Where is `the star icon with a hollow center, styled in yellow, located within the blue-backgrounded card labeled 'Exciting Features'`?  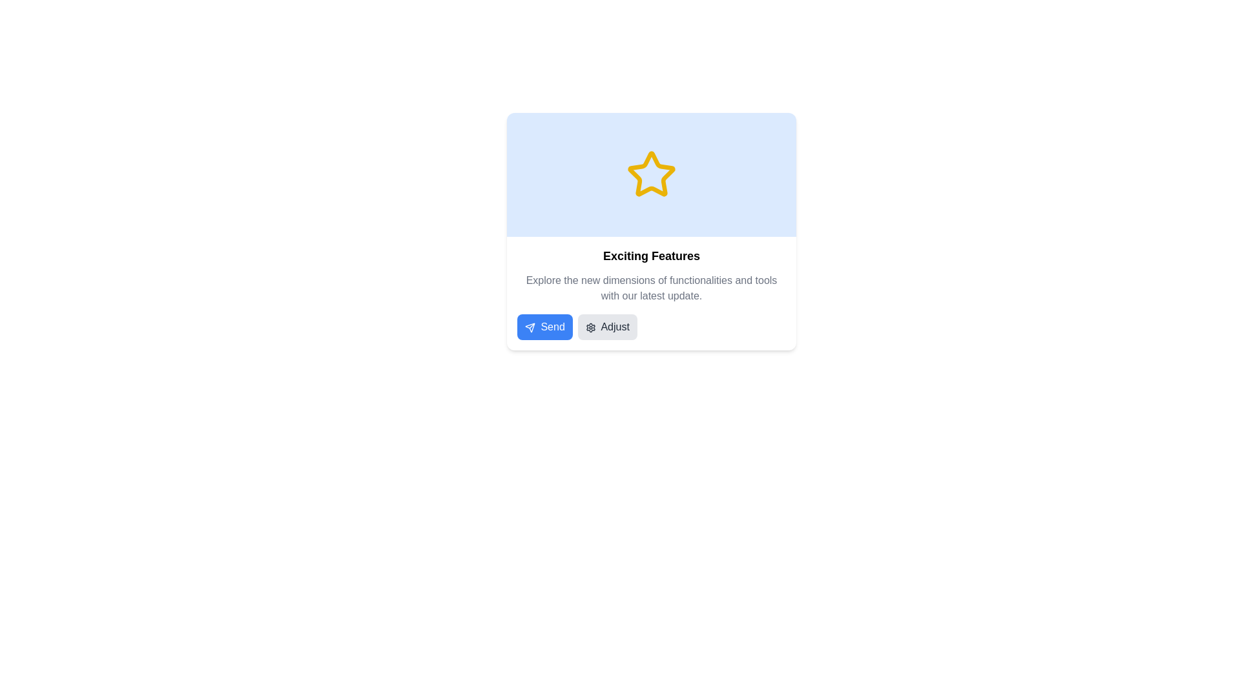
the star icon with a hollow center, styled in yellow, located within the blue-backgrounded card labeled 'Exciting Features' is located at coordinates (651, 173).